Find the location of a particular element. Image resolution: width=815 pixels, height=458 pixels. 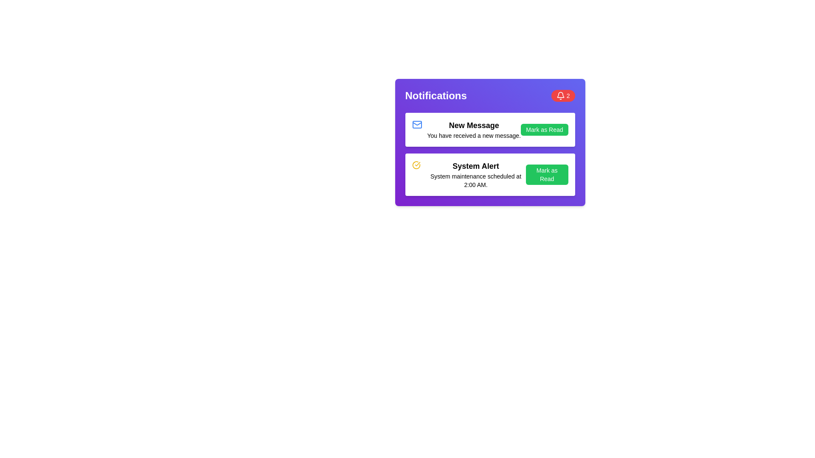

the first notification entry titled 'New Message' in the notifications panel is located at coordinates (473, 129).